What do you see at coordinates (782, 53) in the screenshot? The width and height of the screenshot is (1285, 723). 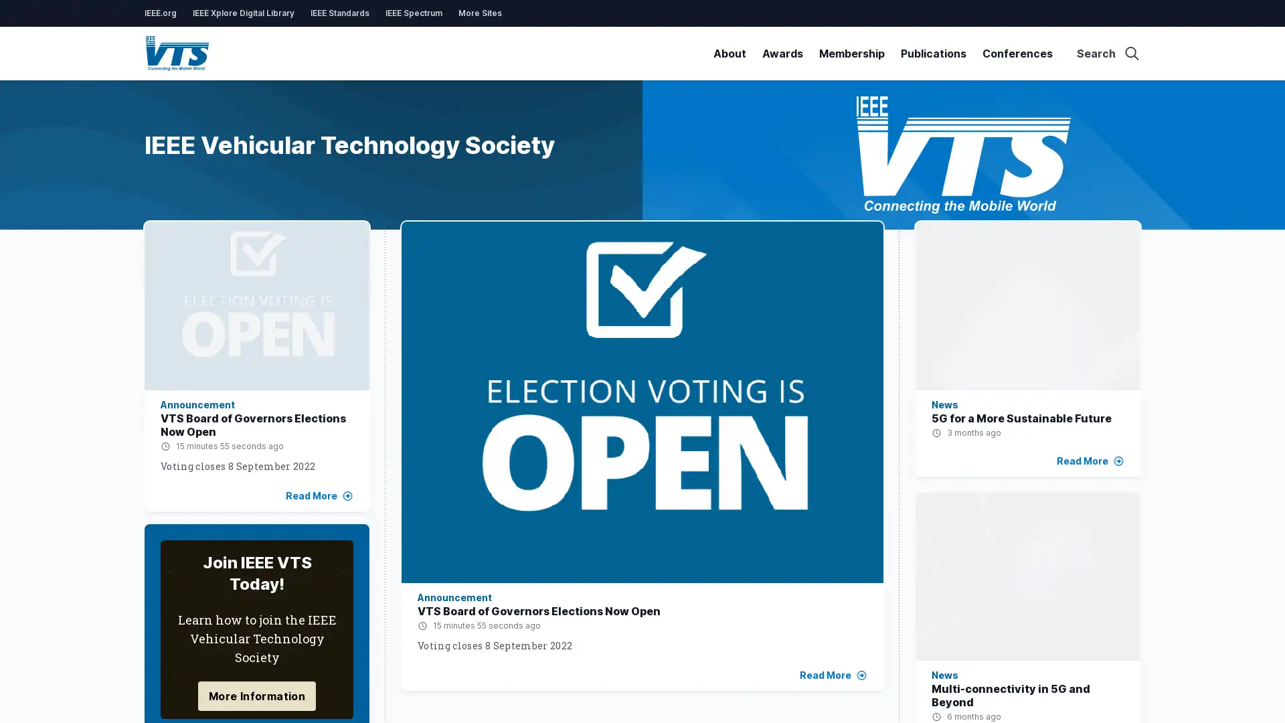 I see `Awards` at bounding box center [782, 53].